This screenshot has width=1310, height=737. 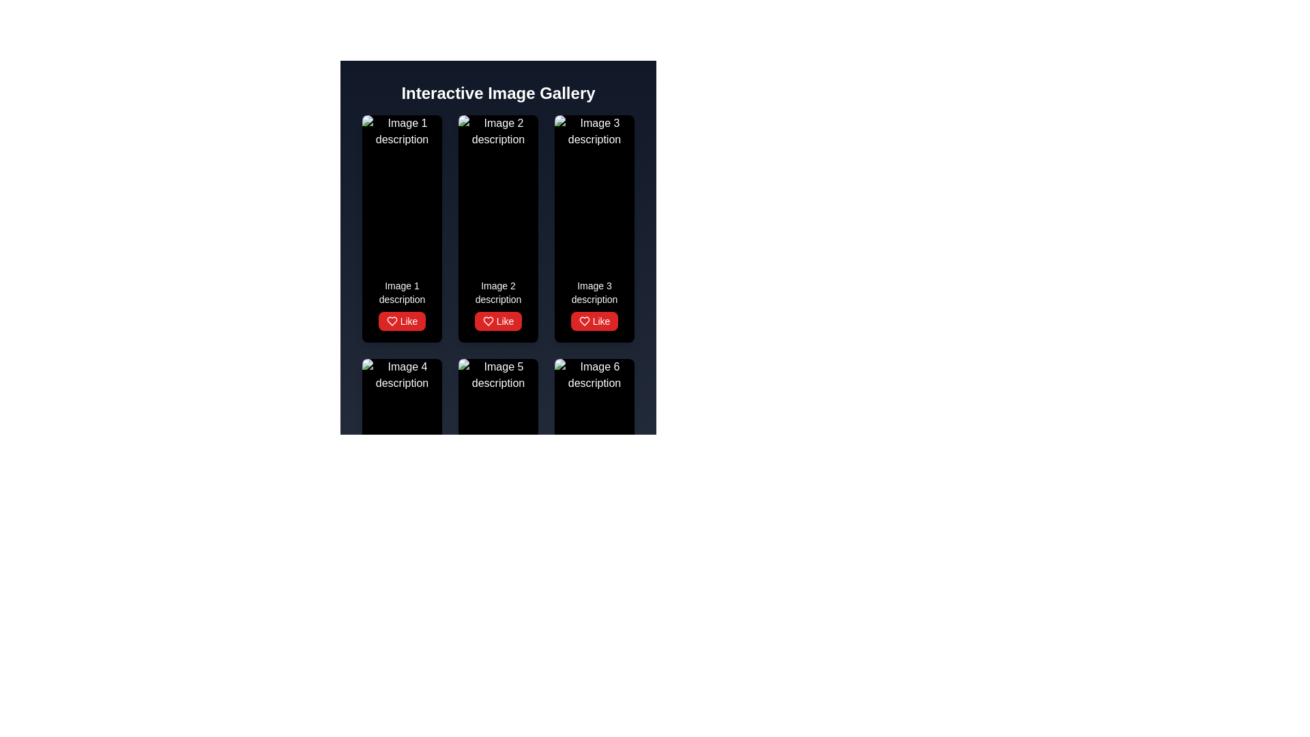 What do you see at coordinates (401, 321) in the screenshot?
I see `the like button located below 'Image 1 description'` at bounding box center [401, 321].